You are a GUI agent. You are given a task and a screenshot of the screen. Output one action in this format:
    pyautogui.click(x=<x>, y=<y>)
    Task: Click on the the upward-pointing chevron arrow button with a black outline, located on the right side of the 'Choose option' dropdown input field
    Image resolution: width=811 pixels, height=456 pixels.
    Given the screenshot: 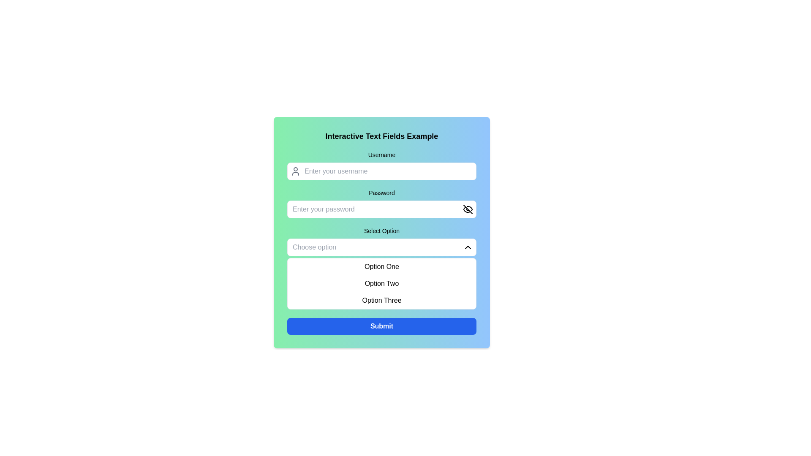 What is the action you would take?
    pyautogui.click(x=468, y=247)
    